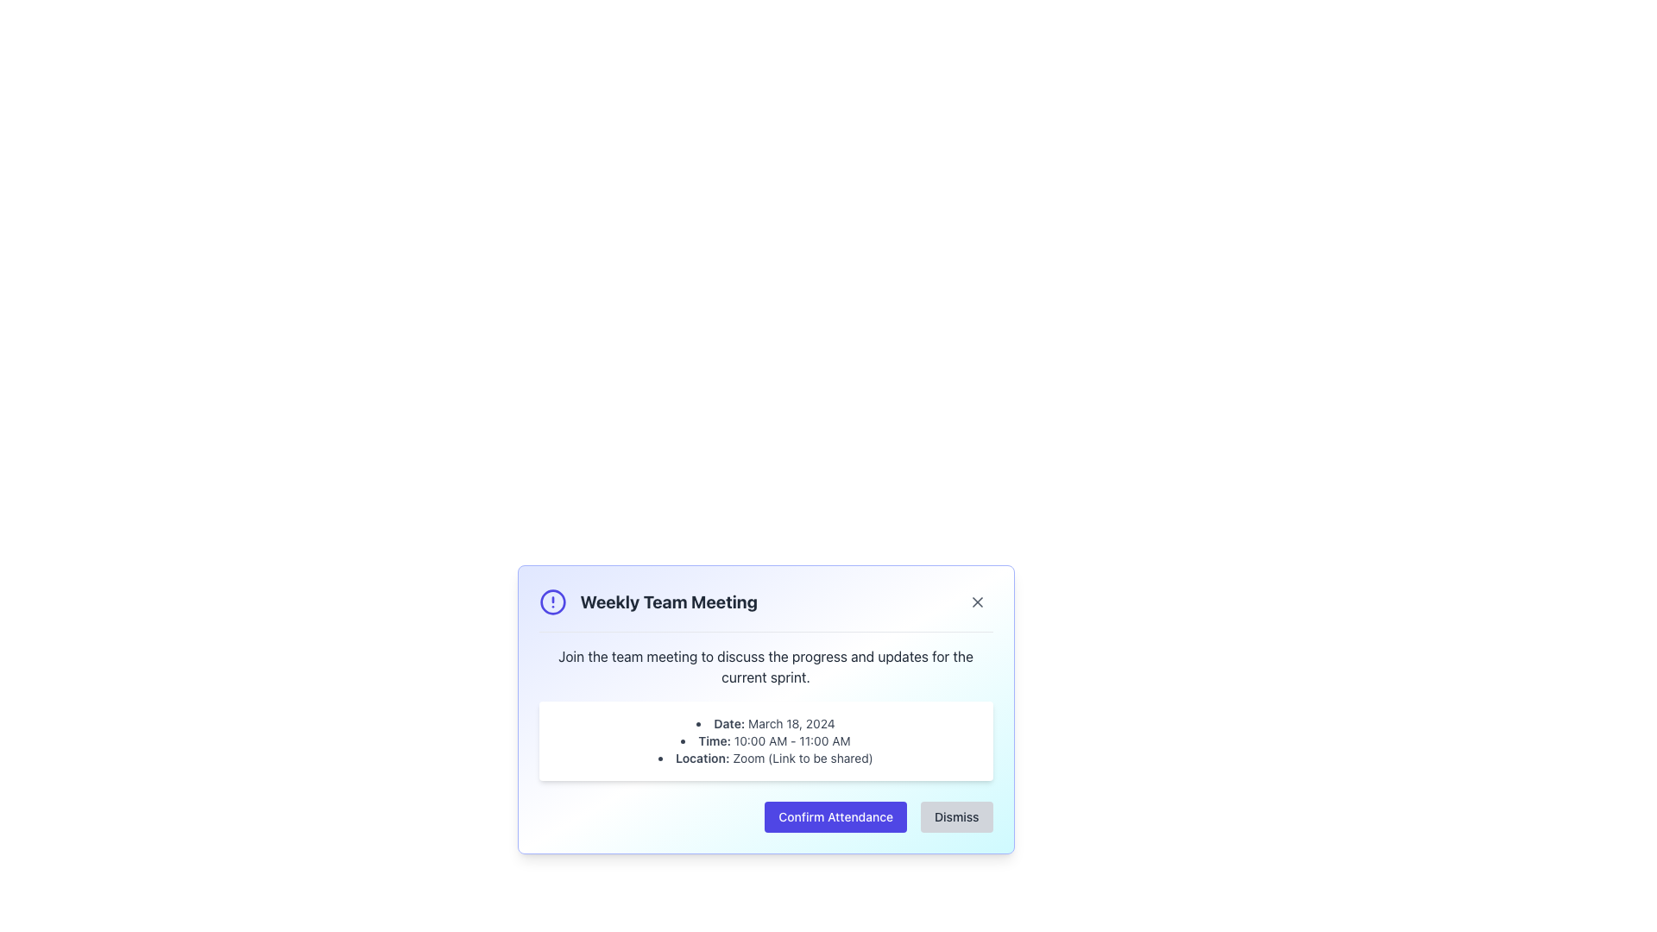 The image size is (1657, 932). Describe the element at coordinates (552, 601) in the screenshot. I see `the indigo circular icon with a graphical alert symbol located at the far left of the header section in the modal dialog, adjacent to the 'Weekly Team Meeting' text` at that location.